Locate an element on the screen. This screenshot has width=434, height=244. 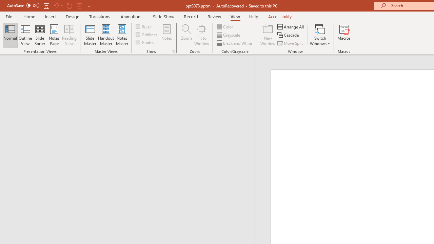
'New Window' is located at coordinates (268, 35).